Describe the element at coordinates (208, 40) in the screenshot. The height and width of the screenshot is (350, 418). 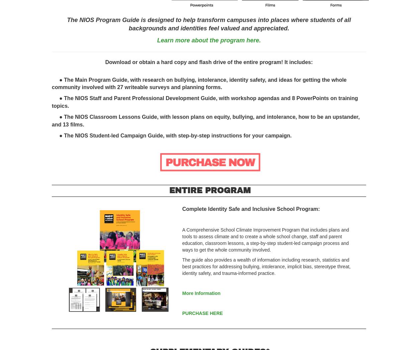
I see `'Learn more about the program here.'` at that location.